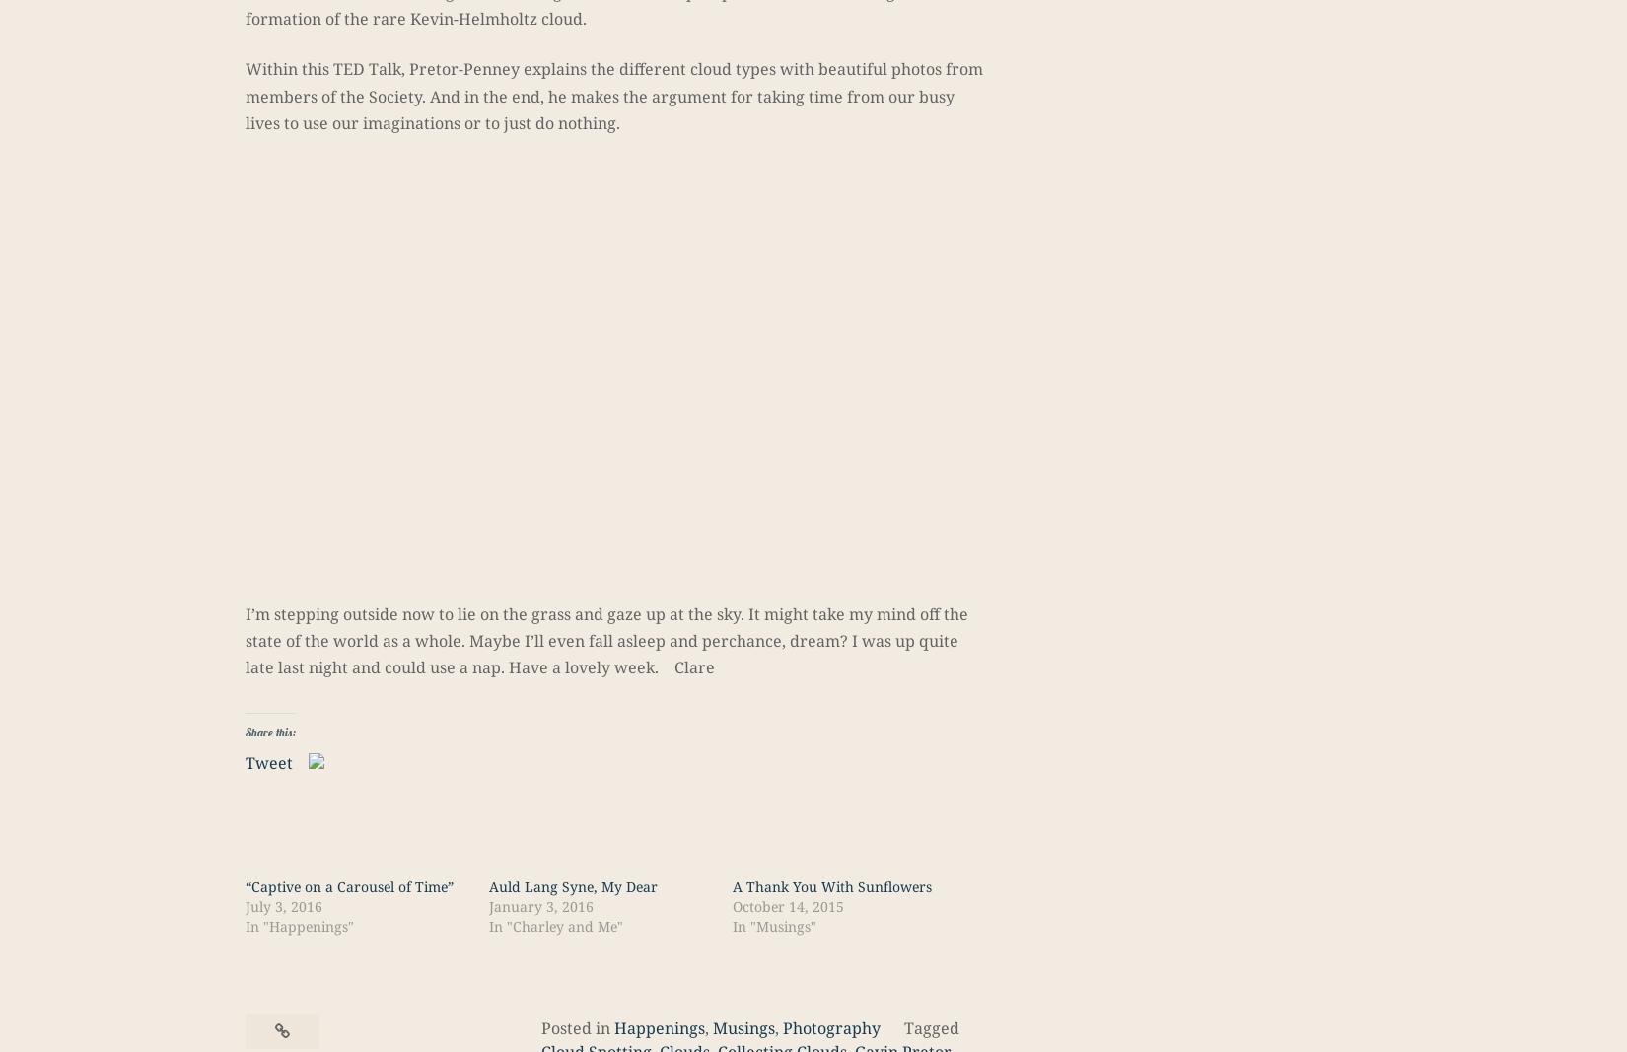 This screenshot has width=1627, height=1052. Describe the element at coordinates (657, 1027) in the screenshot. I see `'Happenings'` at that location.